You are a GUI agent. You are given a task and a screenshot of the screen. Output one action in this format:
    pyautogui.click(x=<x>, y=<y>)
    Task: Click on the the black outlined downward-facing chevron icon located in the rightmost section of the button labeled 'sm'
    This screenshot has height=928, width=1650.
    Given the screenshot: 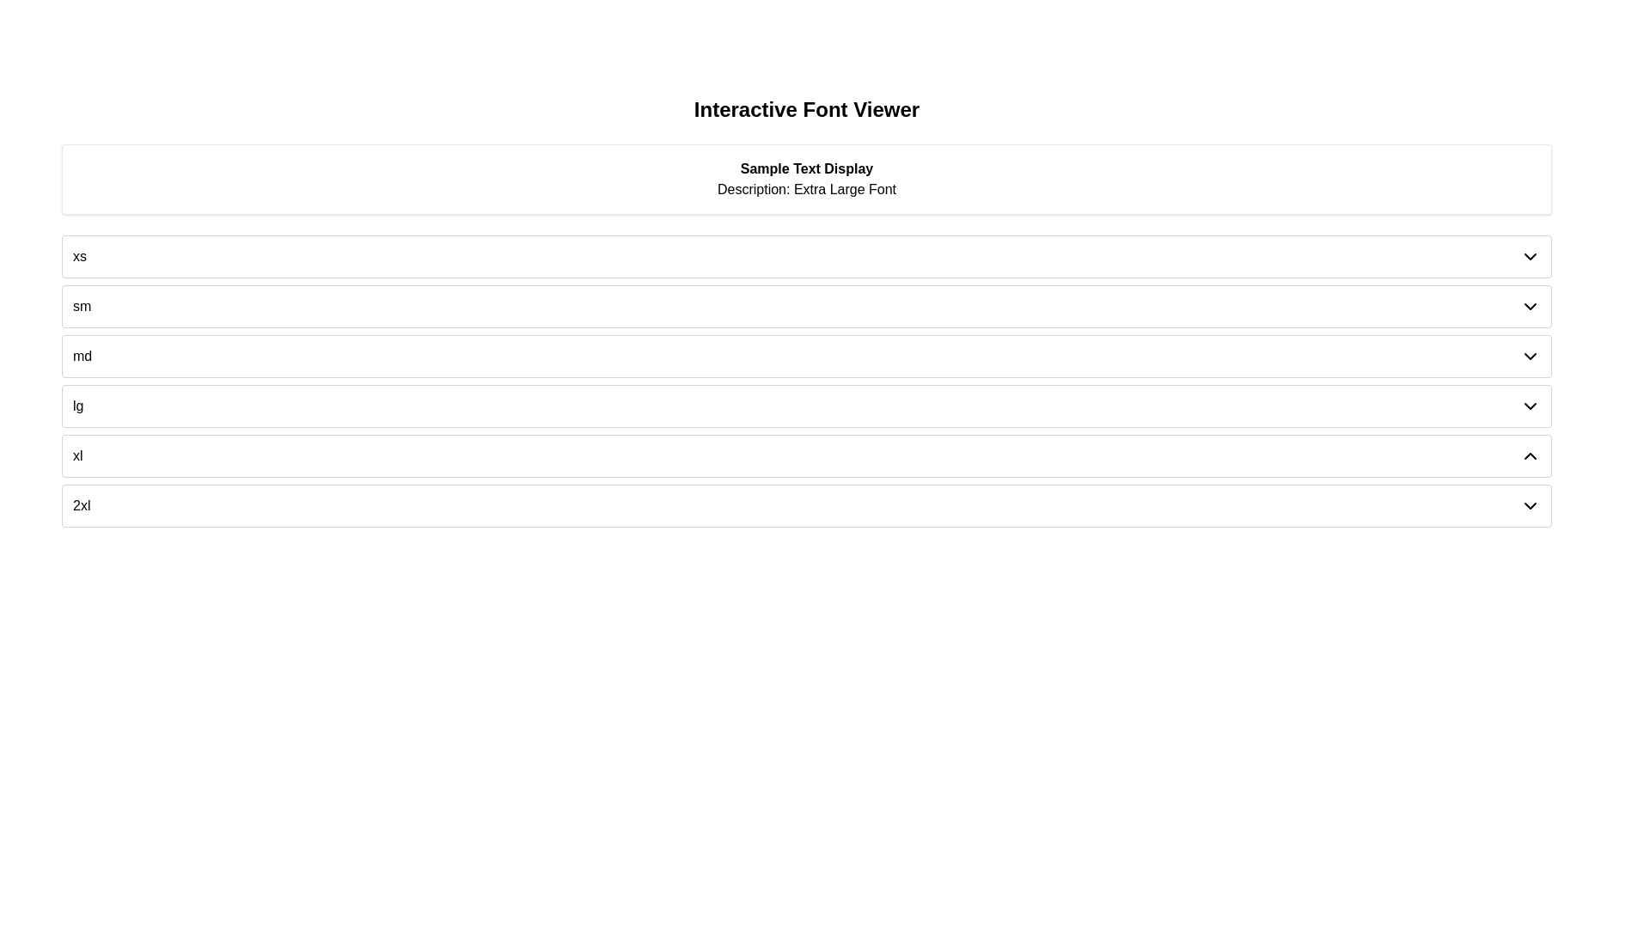 What is the action you would take?
    pyautogui.click(x=1530, y=306)
    